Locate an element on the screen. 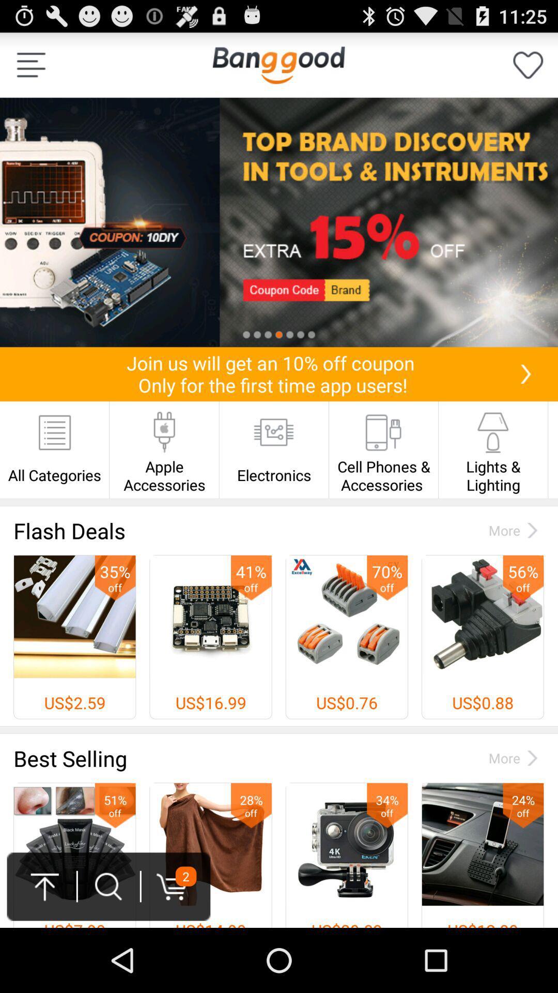  love website is located at coordinates (528, 64).